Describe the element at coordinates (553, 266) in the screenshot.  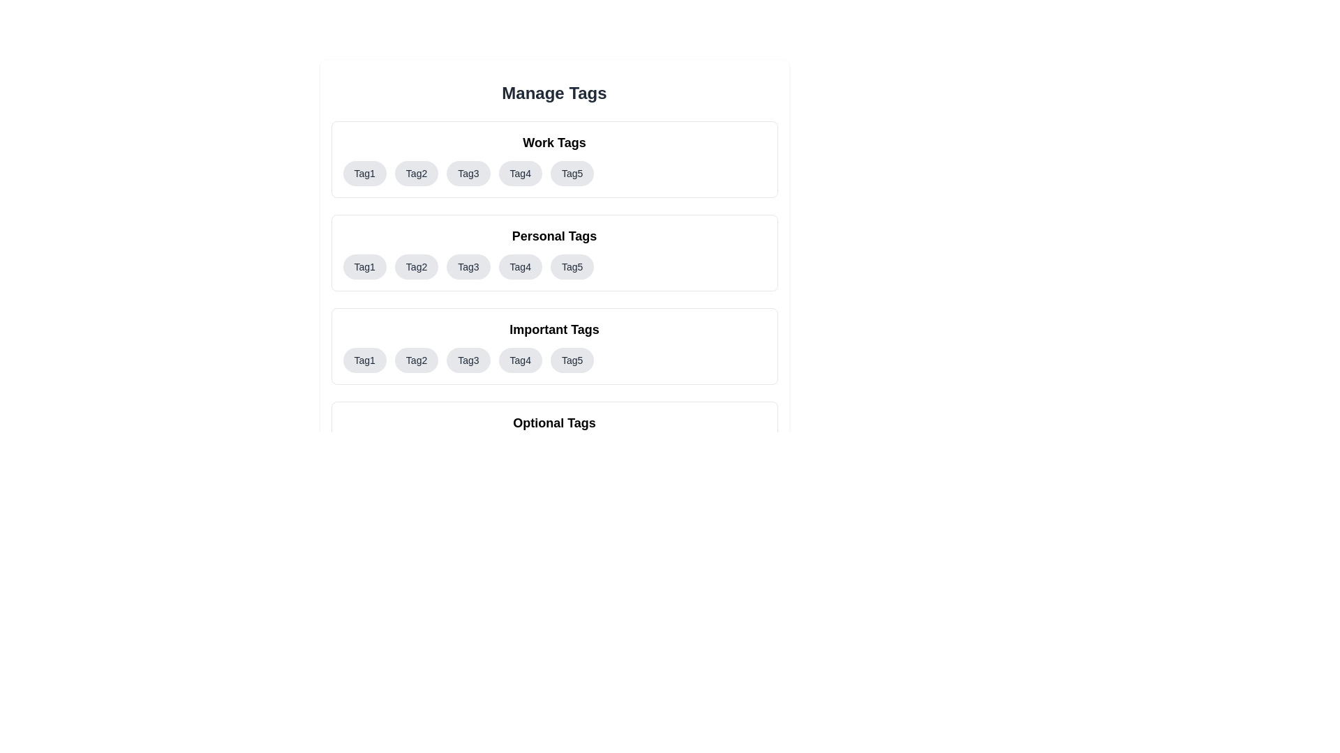
I see `a tag within the Interactive tag group, which is styled as buttons with a light gray background and rounded edges, located in the 'Personal Tags' section` at that location.